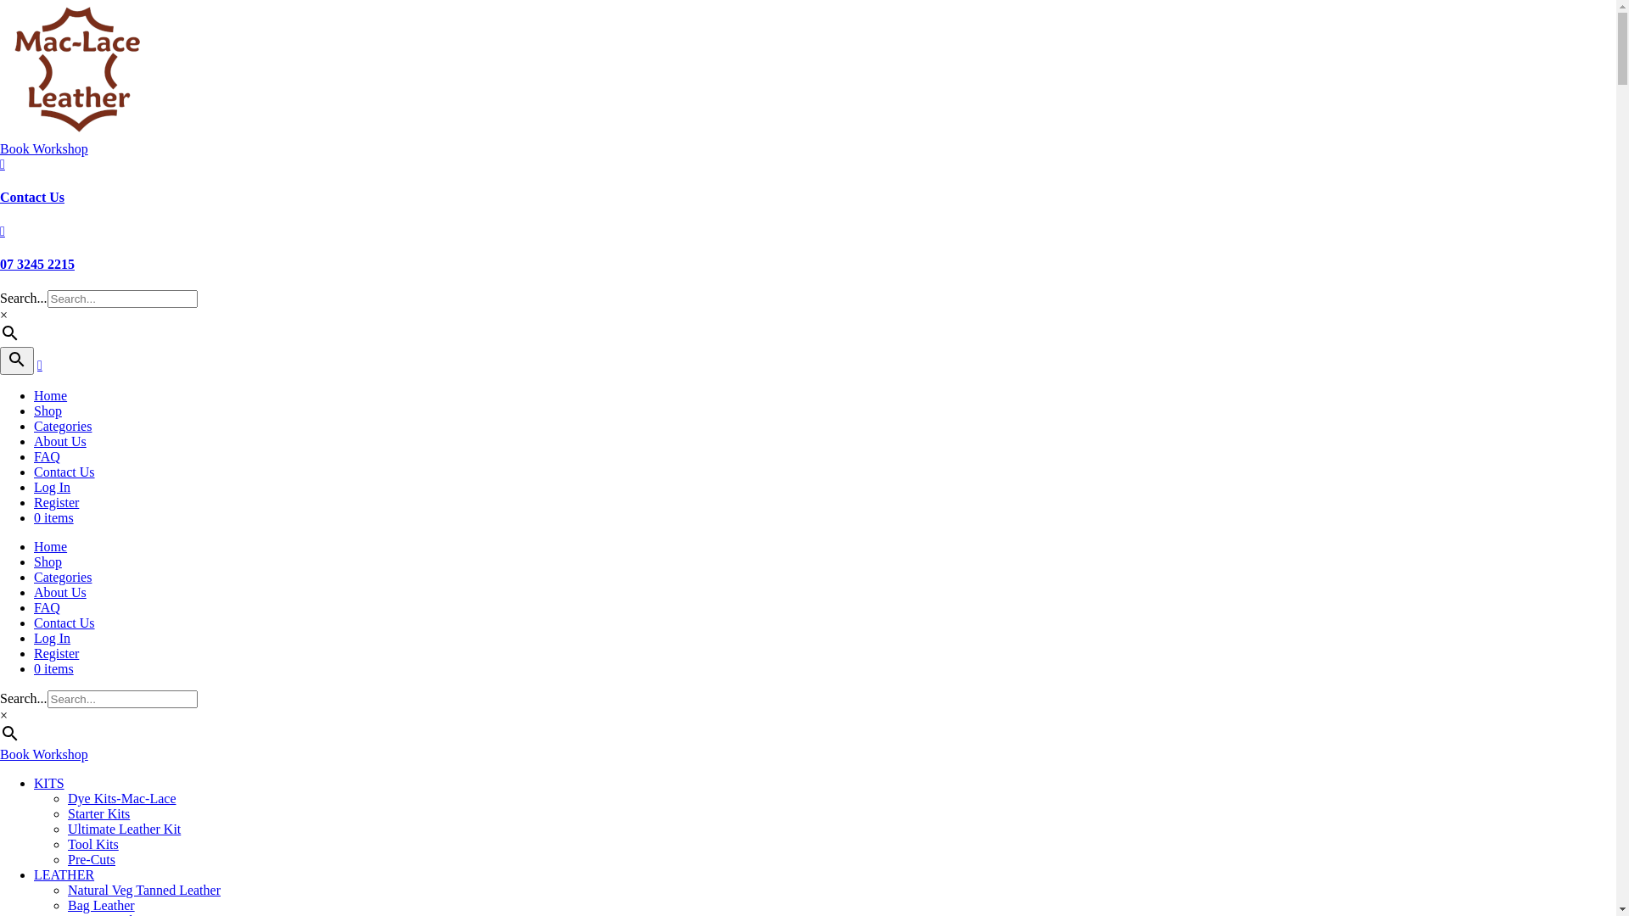 The image size is (1629, 916). Describe the element at coordinates (44, 148) in the screenshot. I see `'Book Workshop'` at that location.